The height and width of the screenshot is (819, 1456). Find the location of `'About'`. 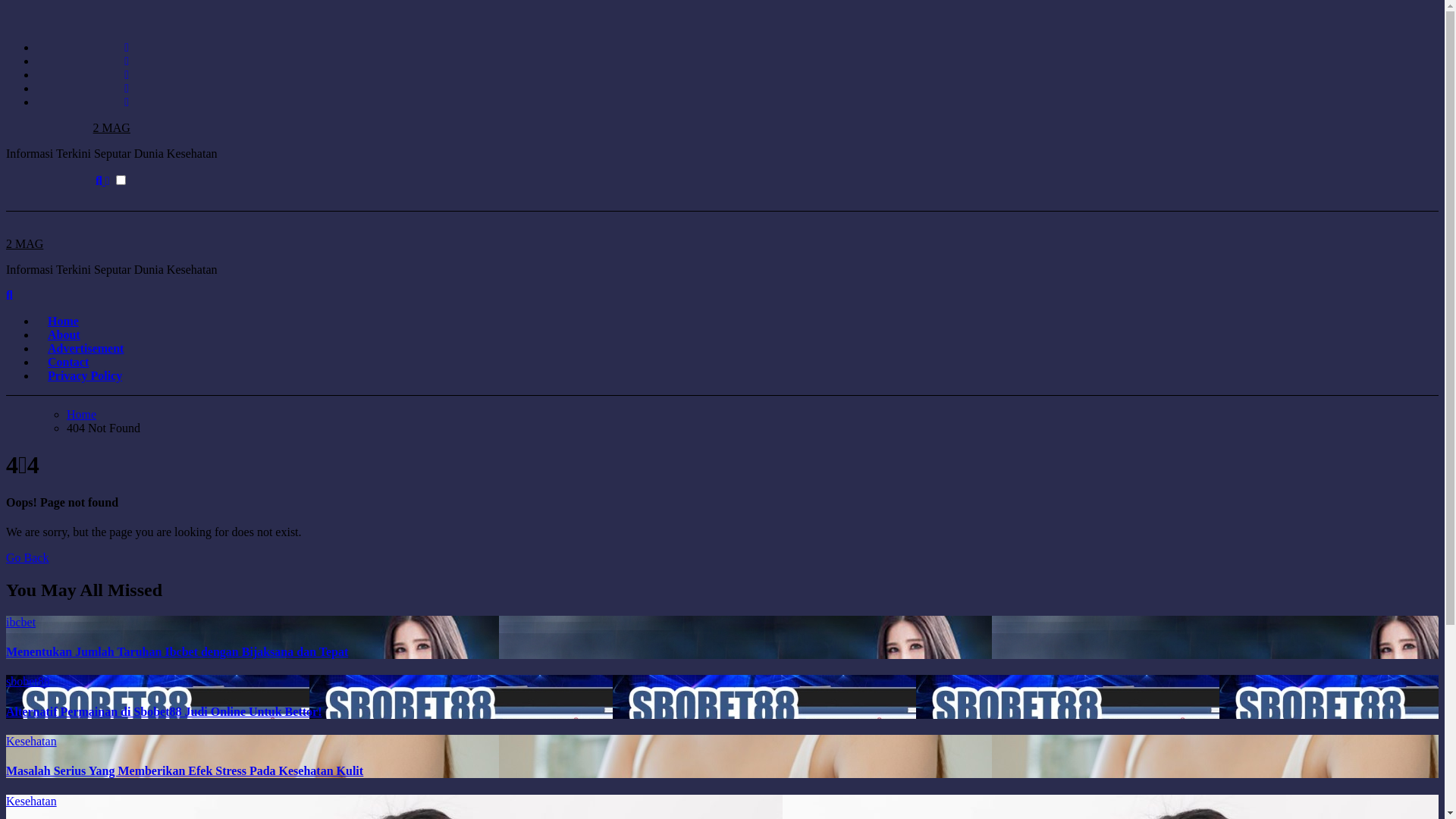

'About' is located at coordinates (63, 334).